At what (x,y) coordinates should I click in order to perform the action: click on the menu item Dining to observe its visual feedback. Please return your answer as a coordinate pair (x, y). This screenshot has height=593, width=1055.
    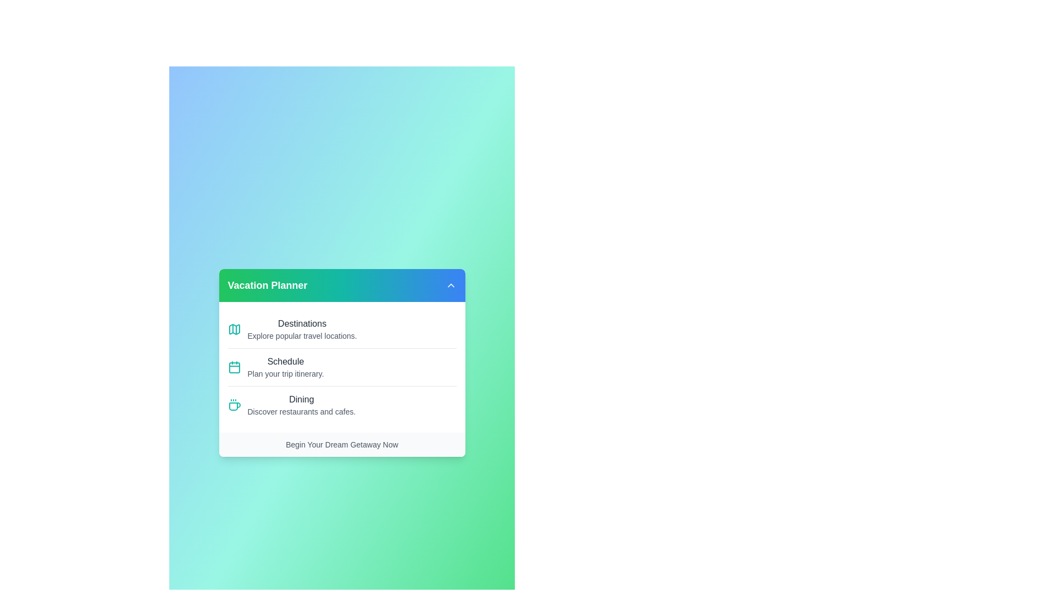
    Looking at the image, I should click on (341, 405).